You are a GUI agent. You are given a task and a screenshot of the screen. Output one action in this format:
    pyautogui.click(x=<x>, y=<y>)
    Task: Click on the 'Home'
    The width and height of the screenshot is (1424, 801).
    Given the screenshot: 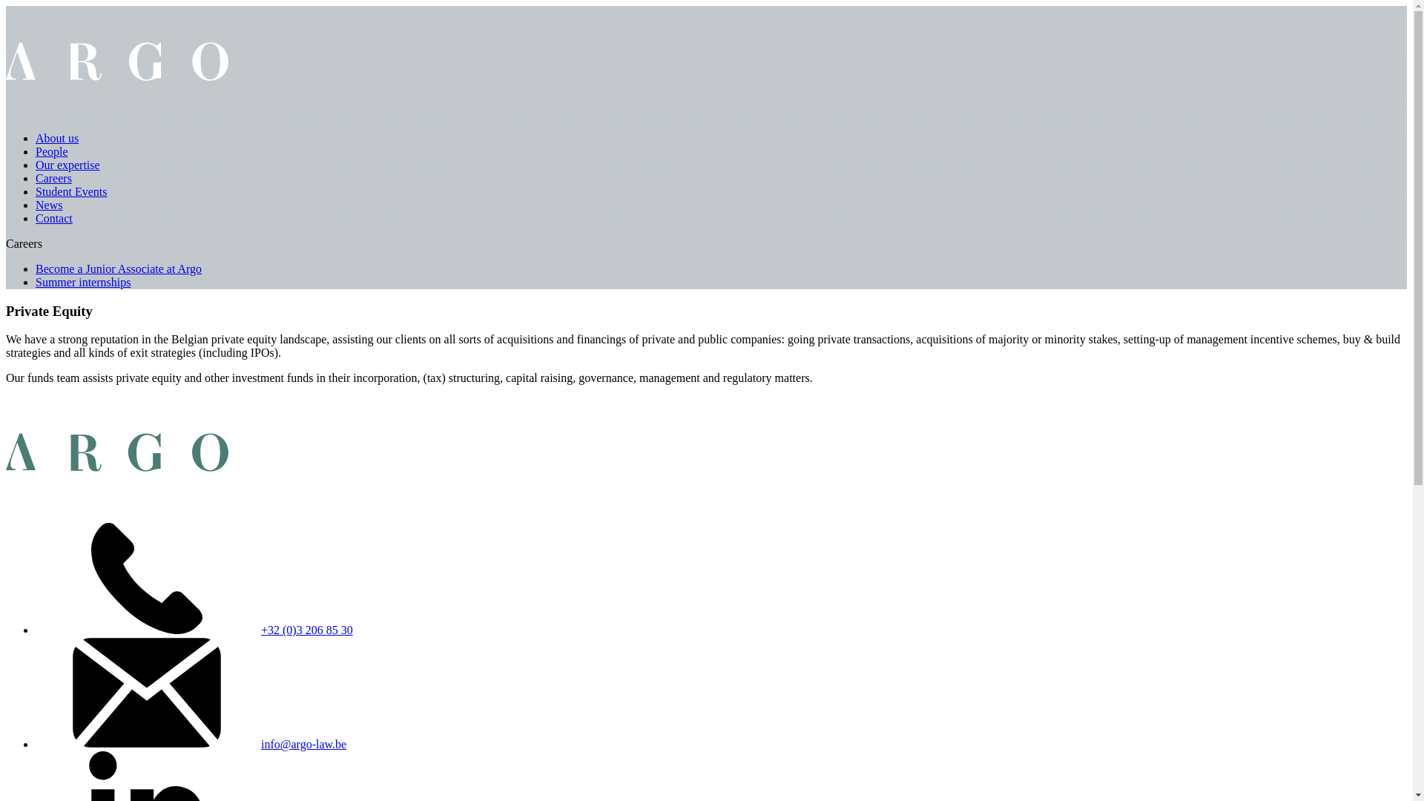 What is the action you would take?
    pyautogui.click(x=116, y=112)
    